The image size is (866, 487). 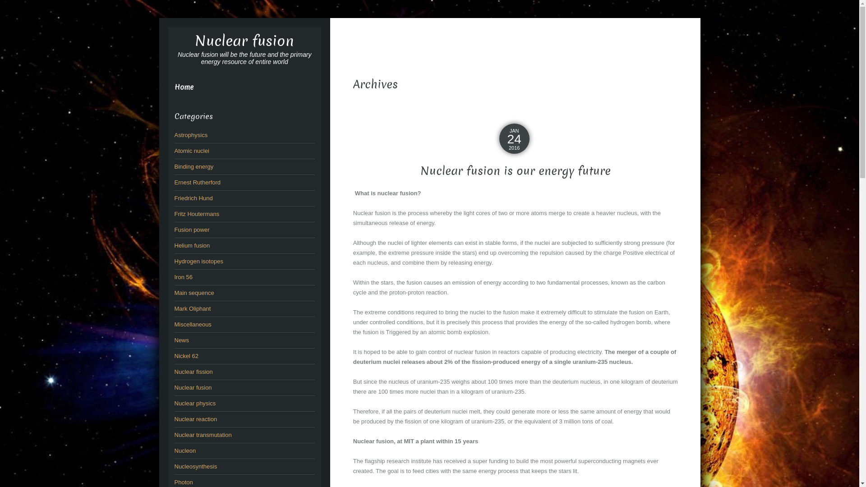 What do you see at coordinates (191, 229) in the screenshot?
I see `'Fusion power'` at bounding box center [191, 229].